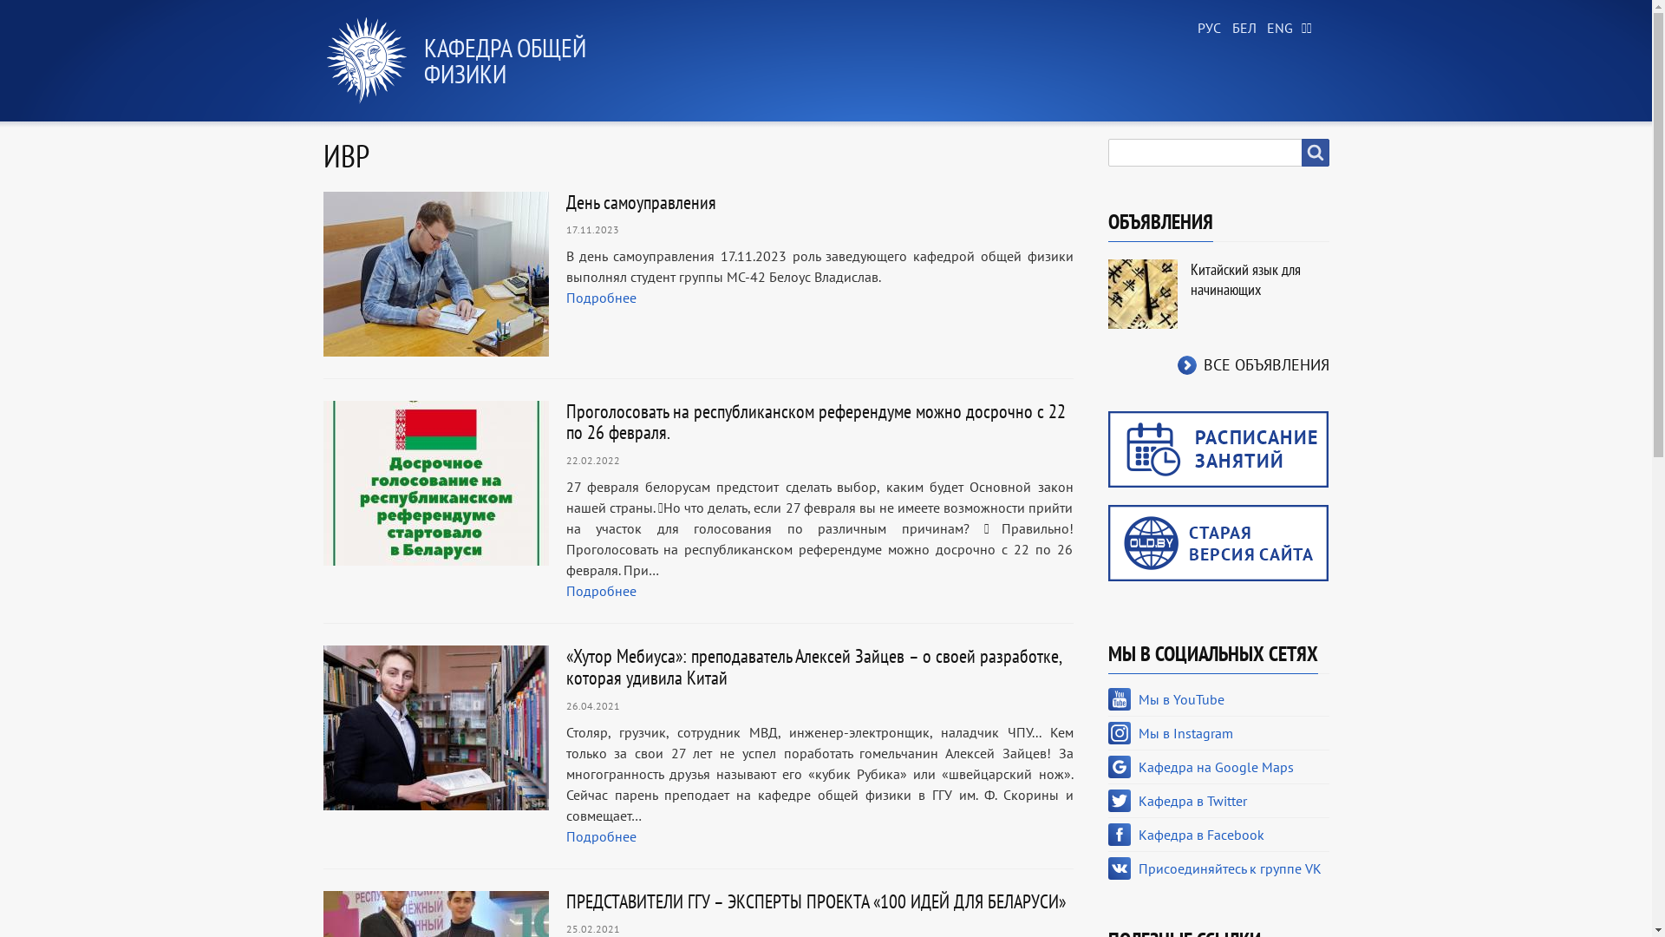  I want to click on 'Belarusian', so click(1240, 29).